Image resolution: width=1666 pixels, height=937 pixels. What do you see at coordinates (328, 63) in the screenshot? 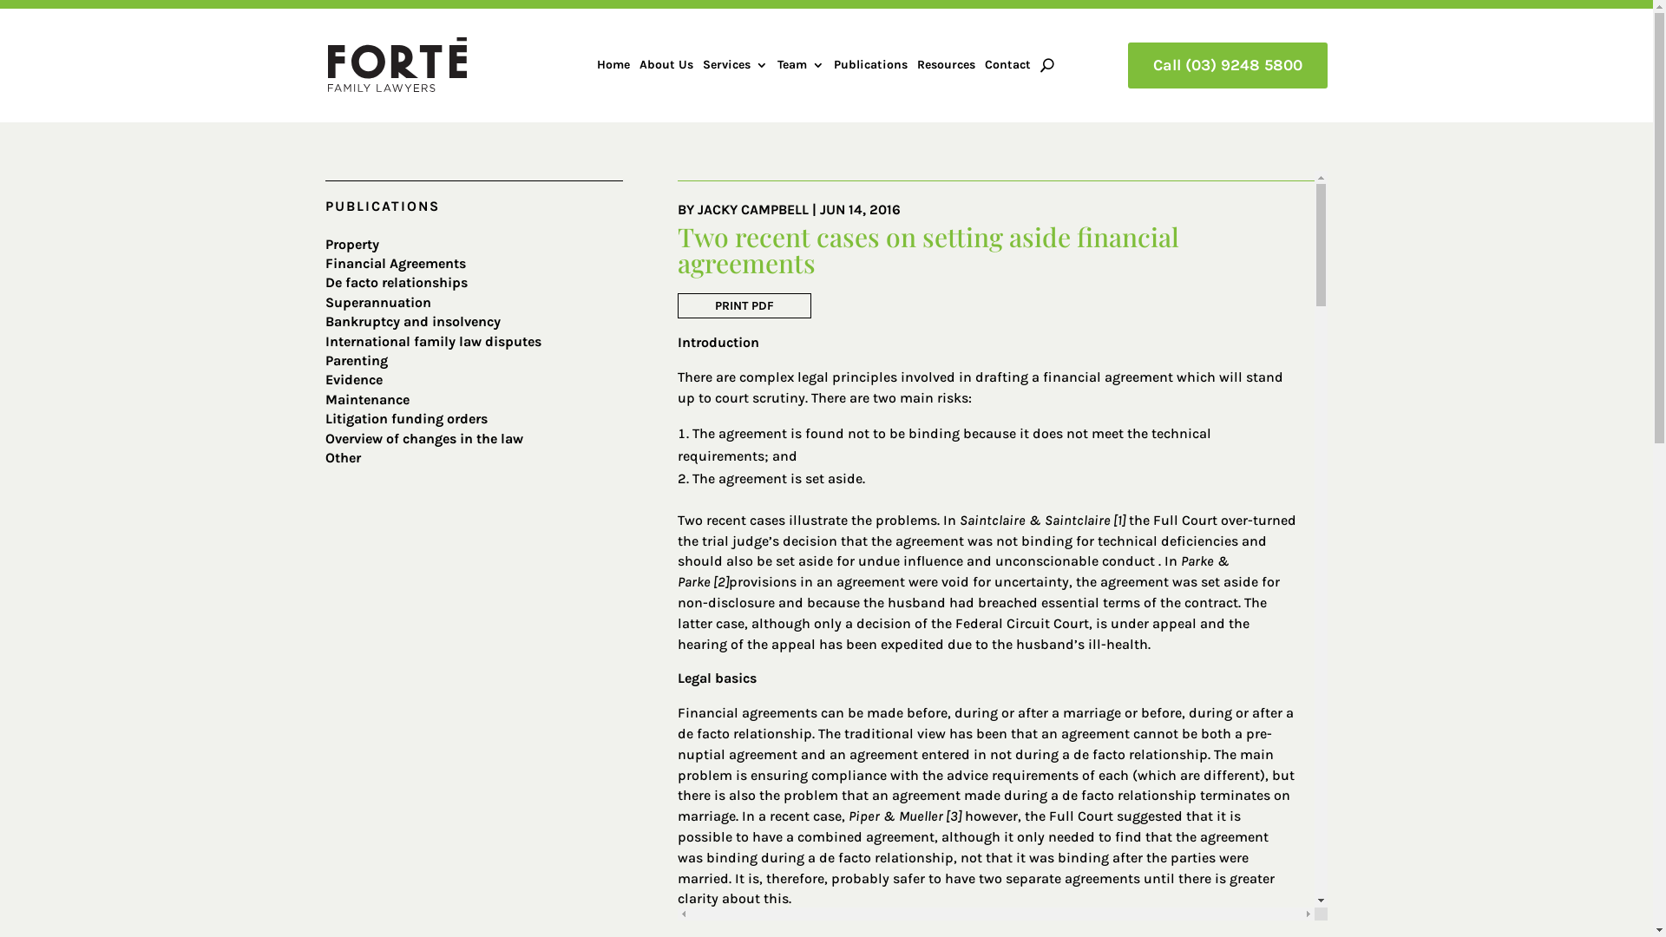
I see `'logo'` at bounding box center [328, 63].